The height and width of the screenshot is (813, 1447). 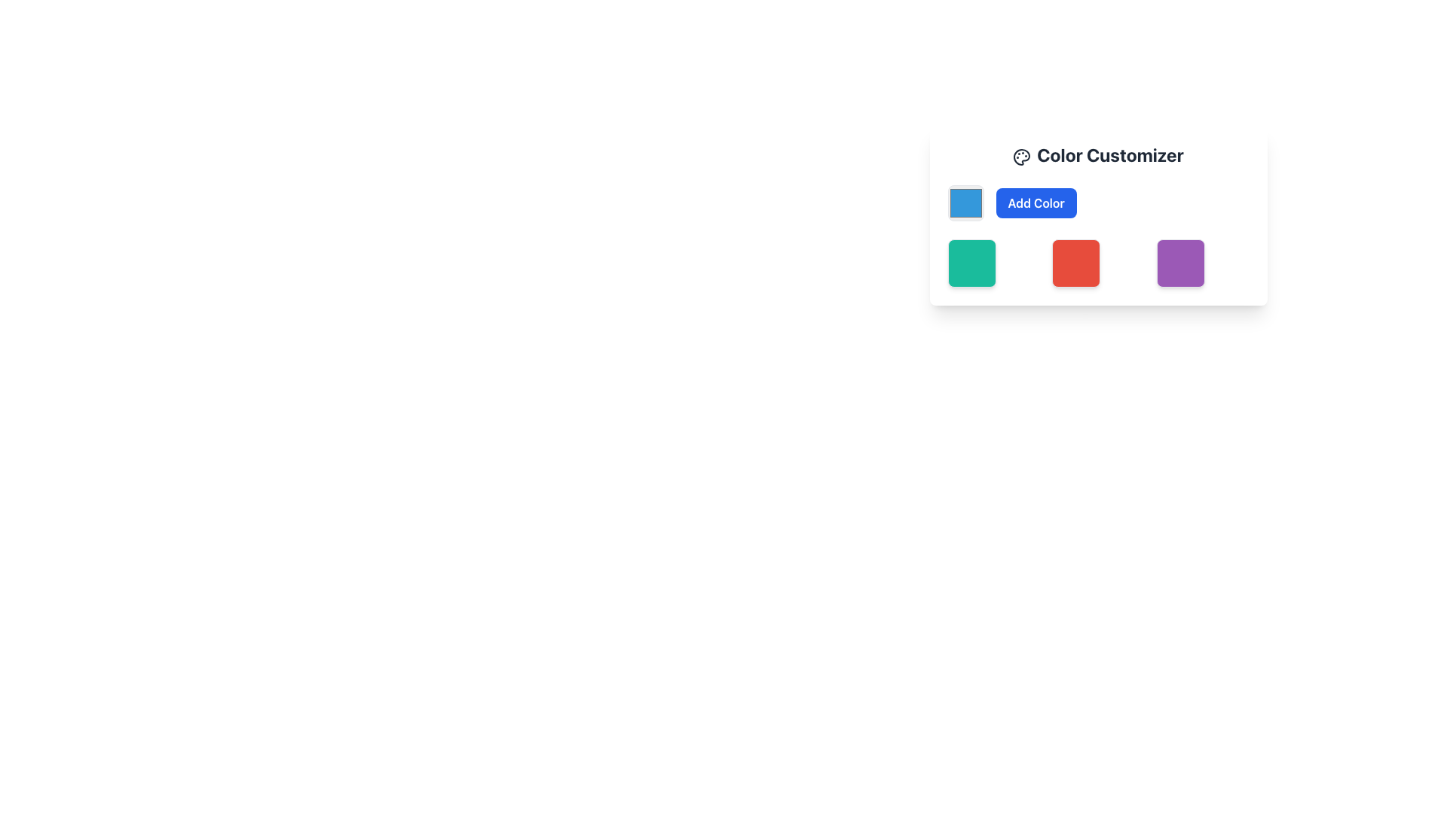 I want to click on the green selectable color box, so click(x=971, y=263).